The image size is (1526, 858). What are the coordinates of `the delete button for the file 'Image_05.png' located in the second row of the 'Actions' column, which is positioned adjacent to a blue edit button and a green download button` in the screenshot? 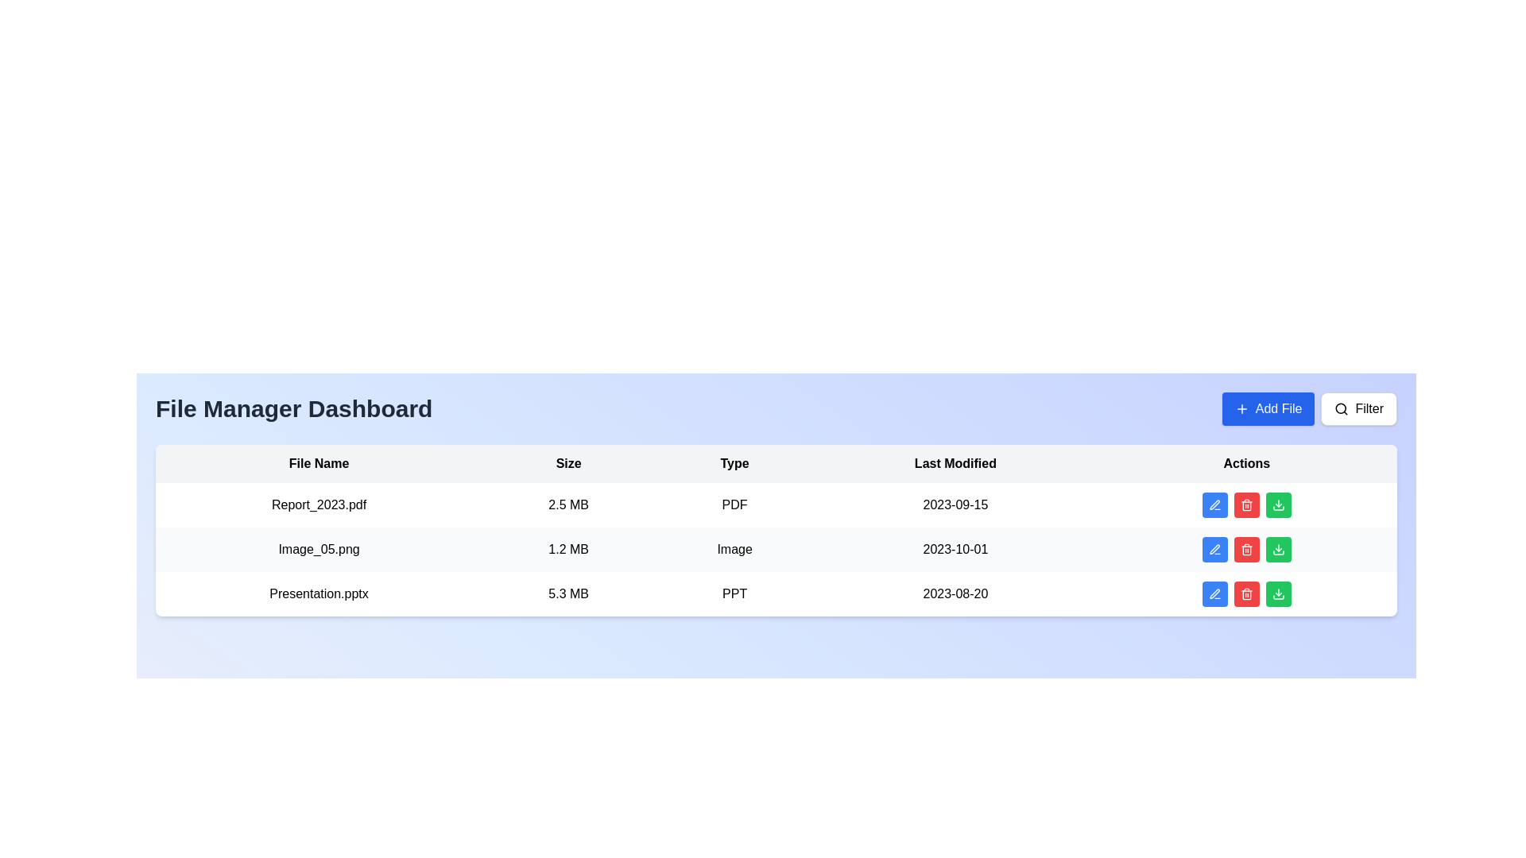 It's located at (1245, 548).